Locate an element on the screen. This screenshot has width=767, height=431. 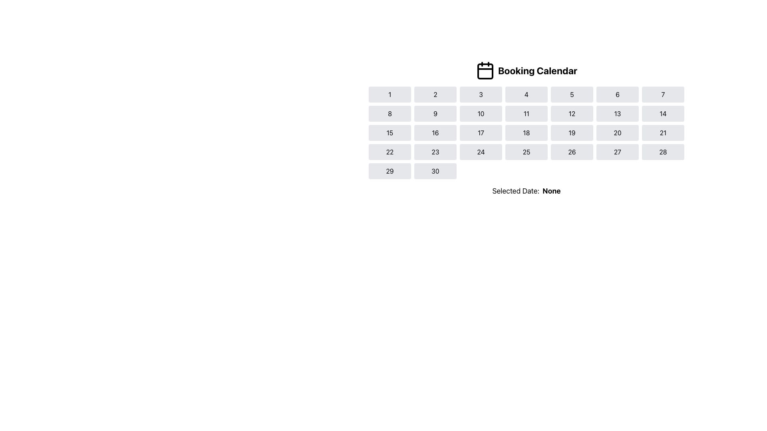
the button labeled '12' which is a rectangular button with rounded corners, styled with a light gray background and displaying the numeric text '12' in a black font, located in the second row and fifth column of a grid layout is located at coordinates (571, 114).